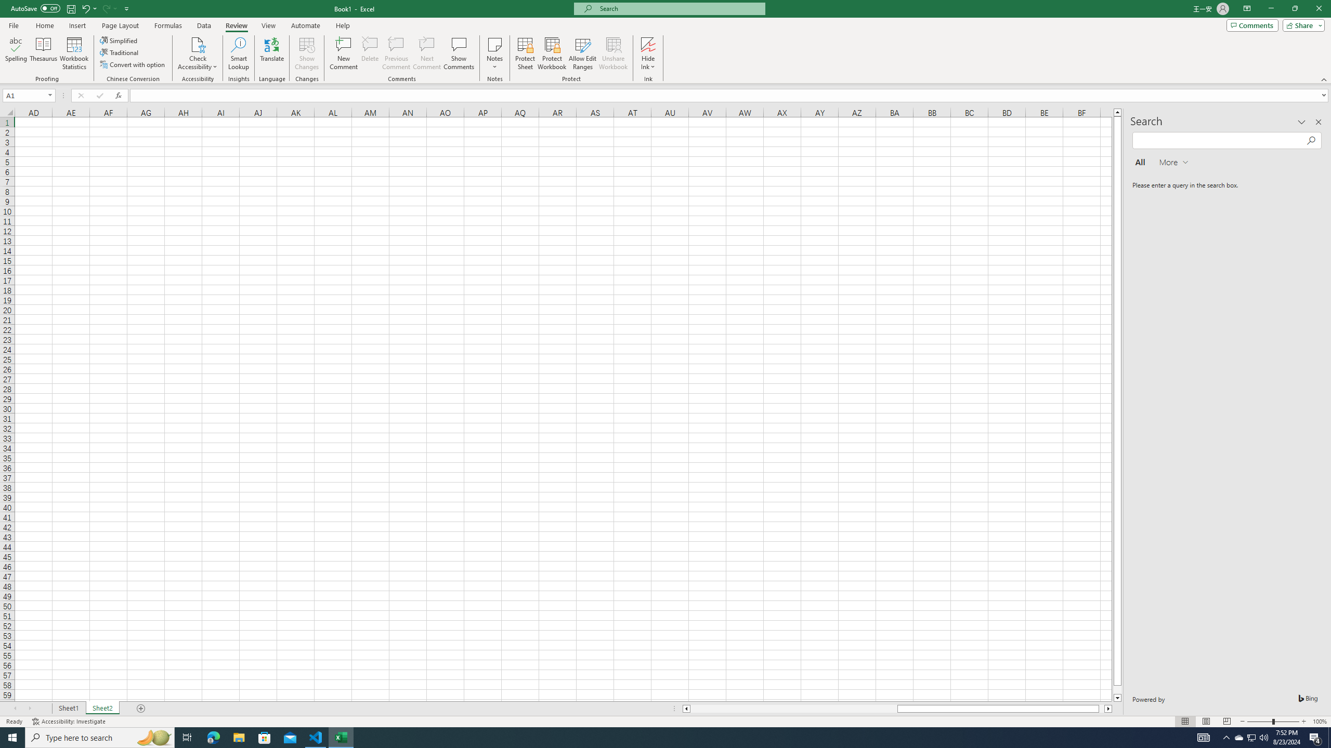 The height and width of the screenshot is (748, 1331). I want to click on 'Show Comments', so click(458, 54).